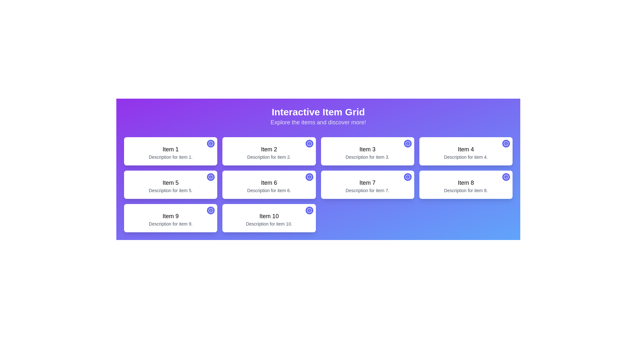 The image size is (617, 347). What do you see at coordinates (407, 143) in the screenshot?
I see `the Icon button located in the top-right corner of the 'Item 3' panel to show more details` at bounding box center [407, 143].